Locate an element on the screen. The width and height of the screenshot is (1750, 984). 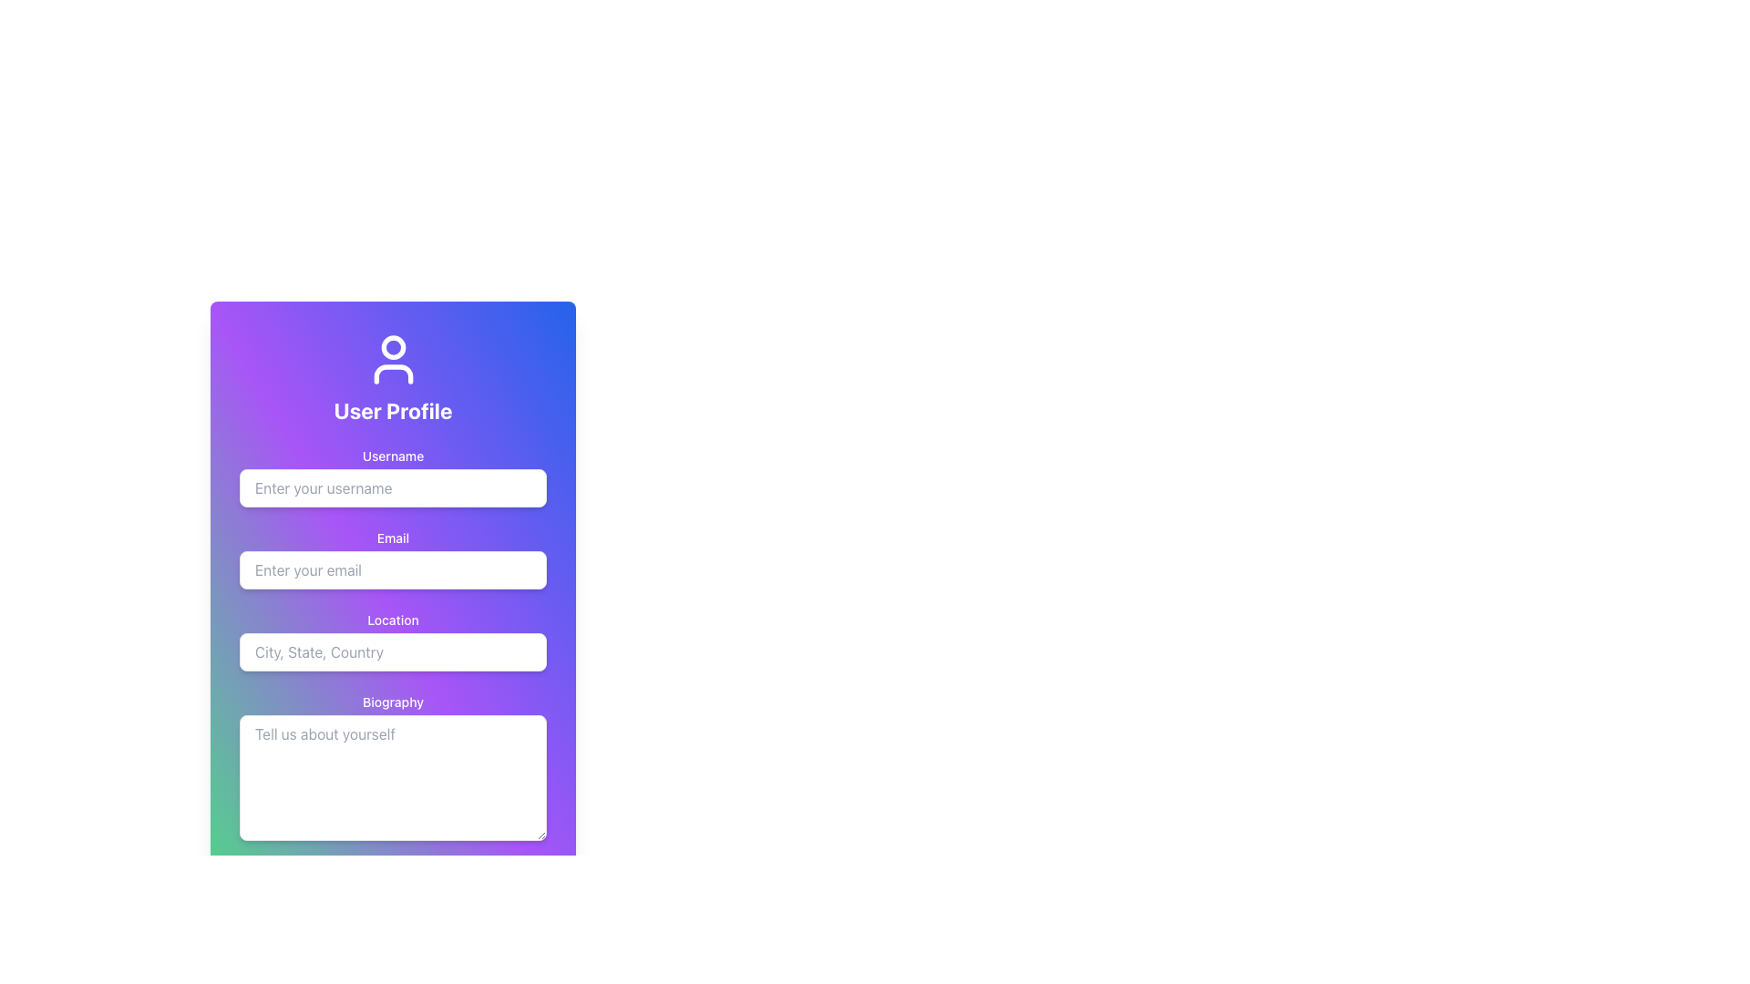
the 'Username' text label which is styled in a small, bold font and has a gradient background, located above the username input field is located at coordinates (392, 456).